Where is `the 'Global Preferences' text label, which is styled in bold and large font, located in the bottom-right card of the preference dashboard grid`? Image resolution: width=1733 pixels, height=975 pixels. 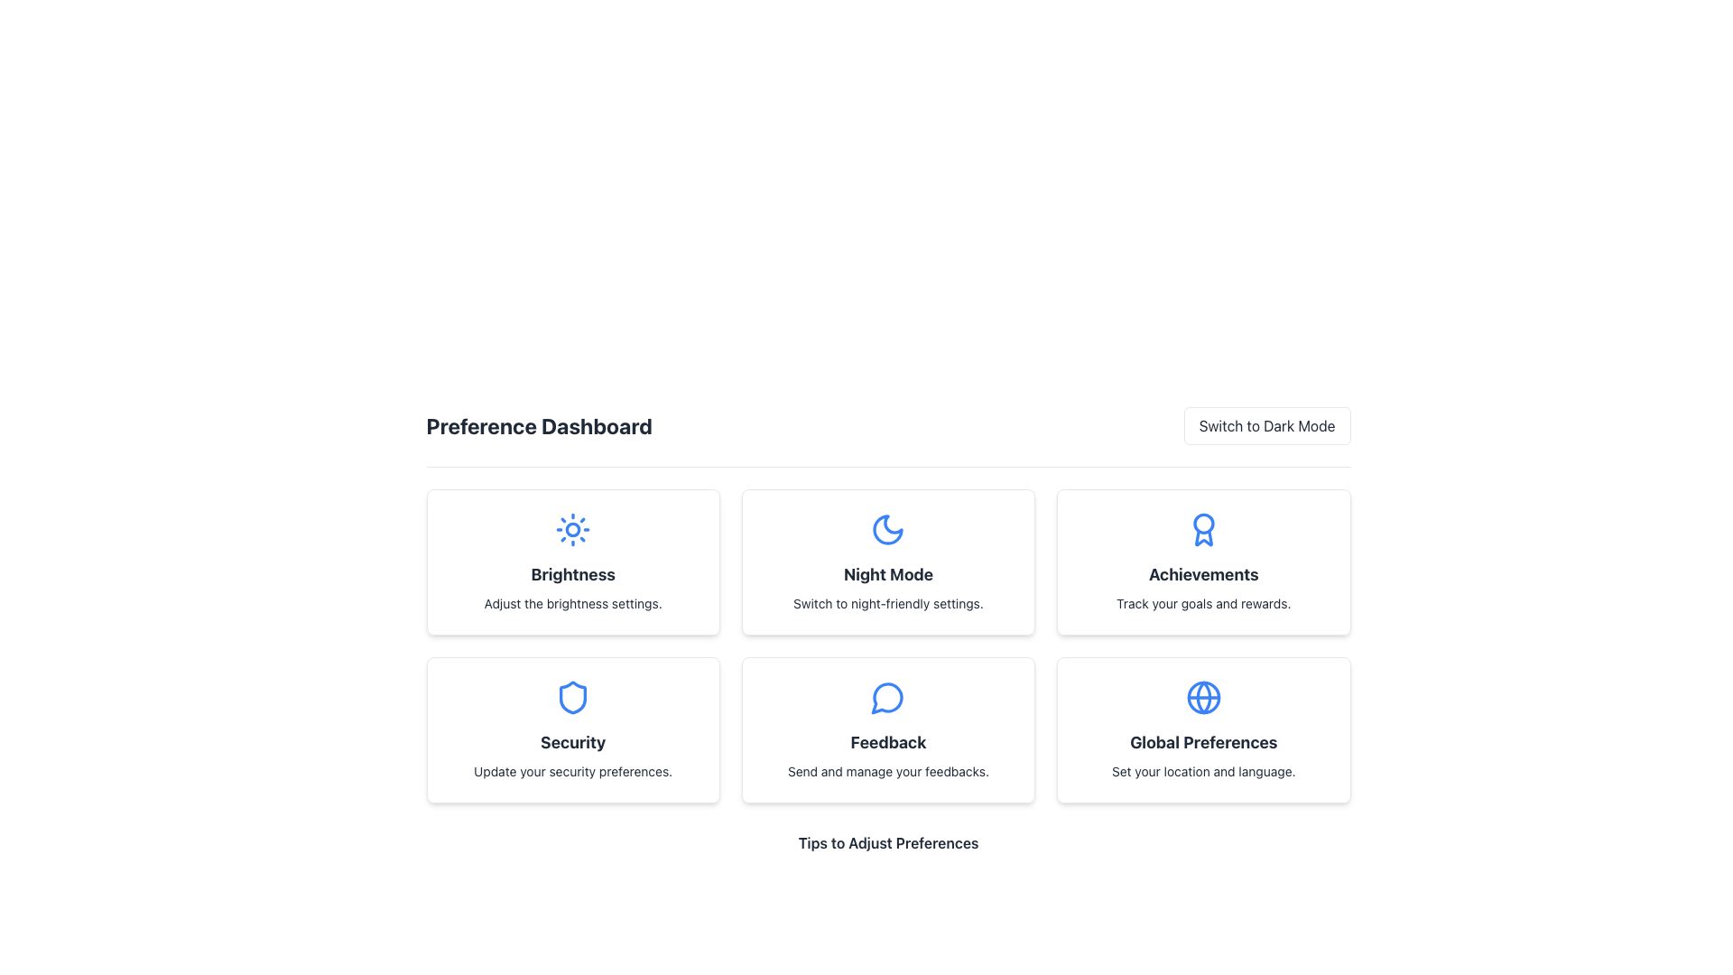
the 'Global Preferences' text label, which is styled in bold and large font, located in the bottom-right card of the preference dashboard grid is located at coordinates (1203, 742).